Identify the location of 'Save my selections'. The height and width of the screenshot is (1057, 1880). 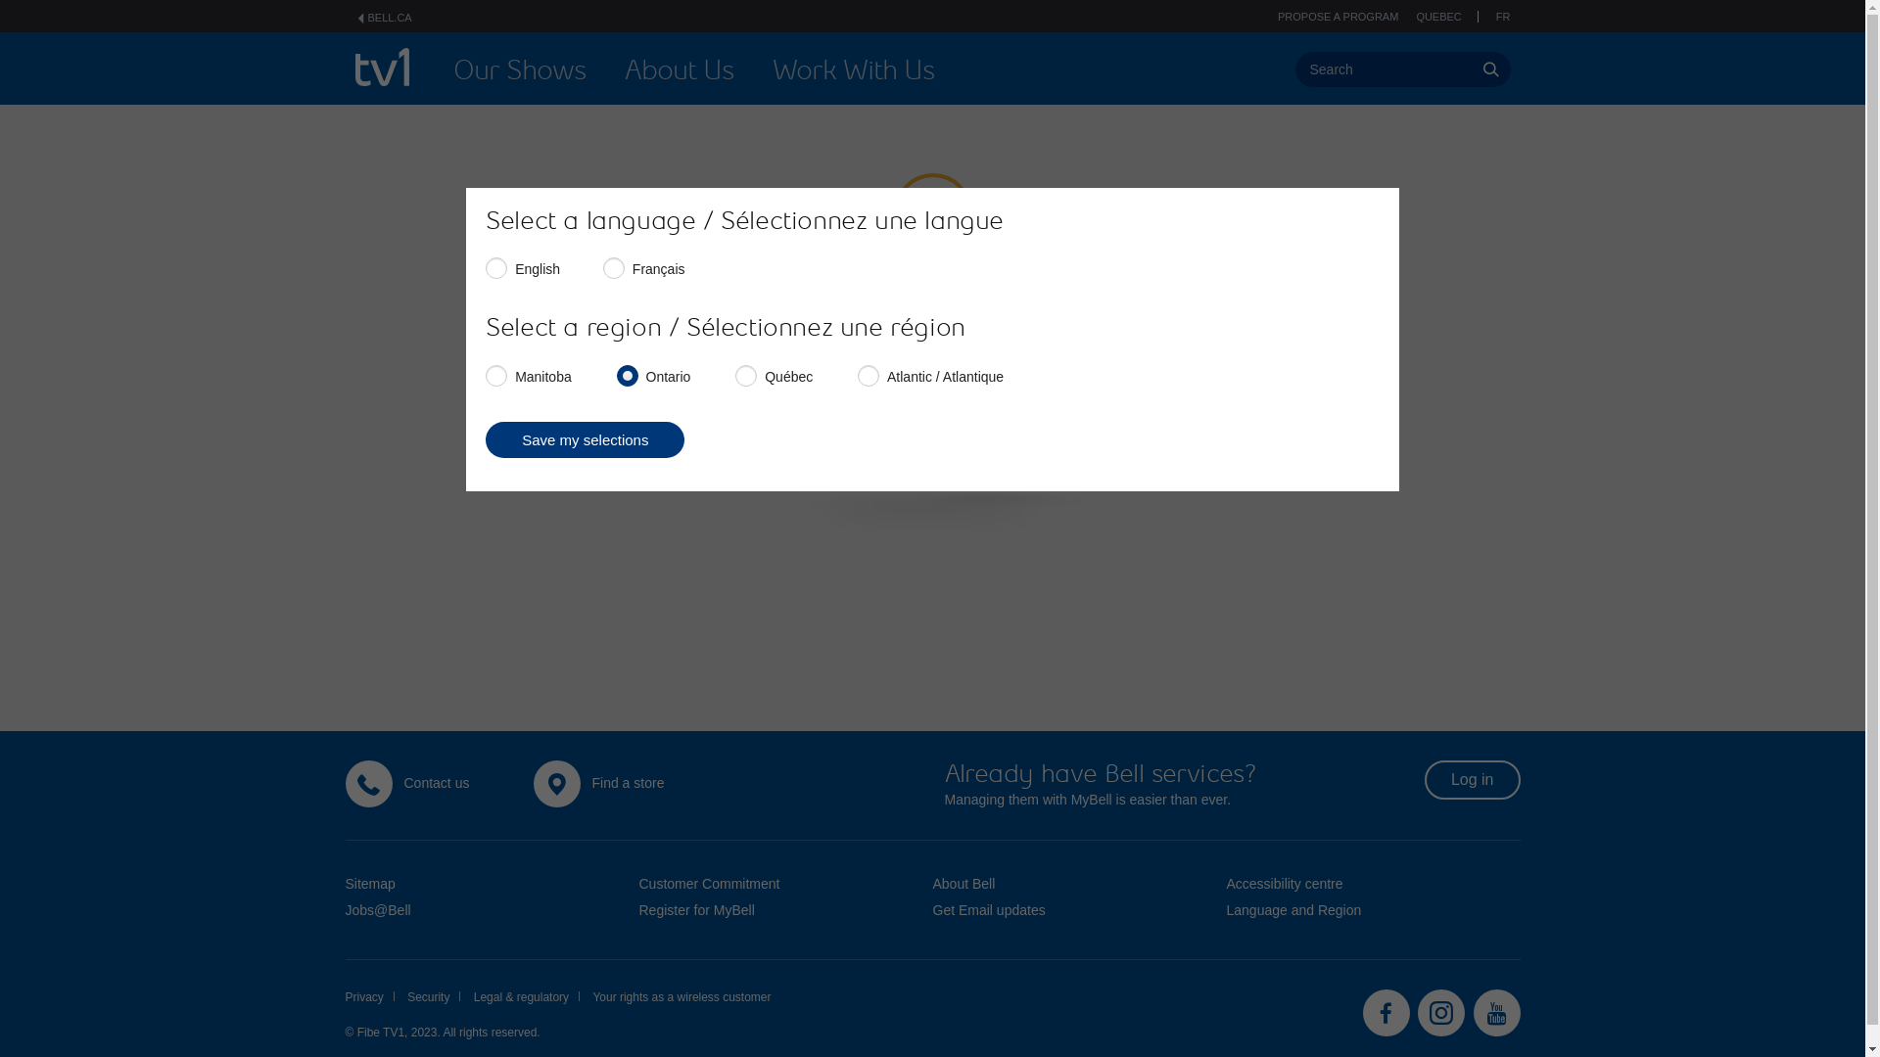
(485, 438).